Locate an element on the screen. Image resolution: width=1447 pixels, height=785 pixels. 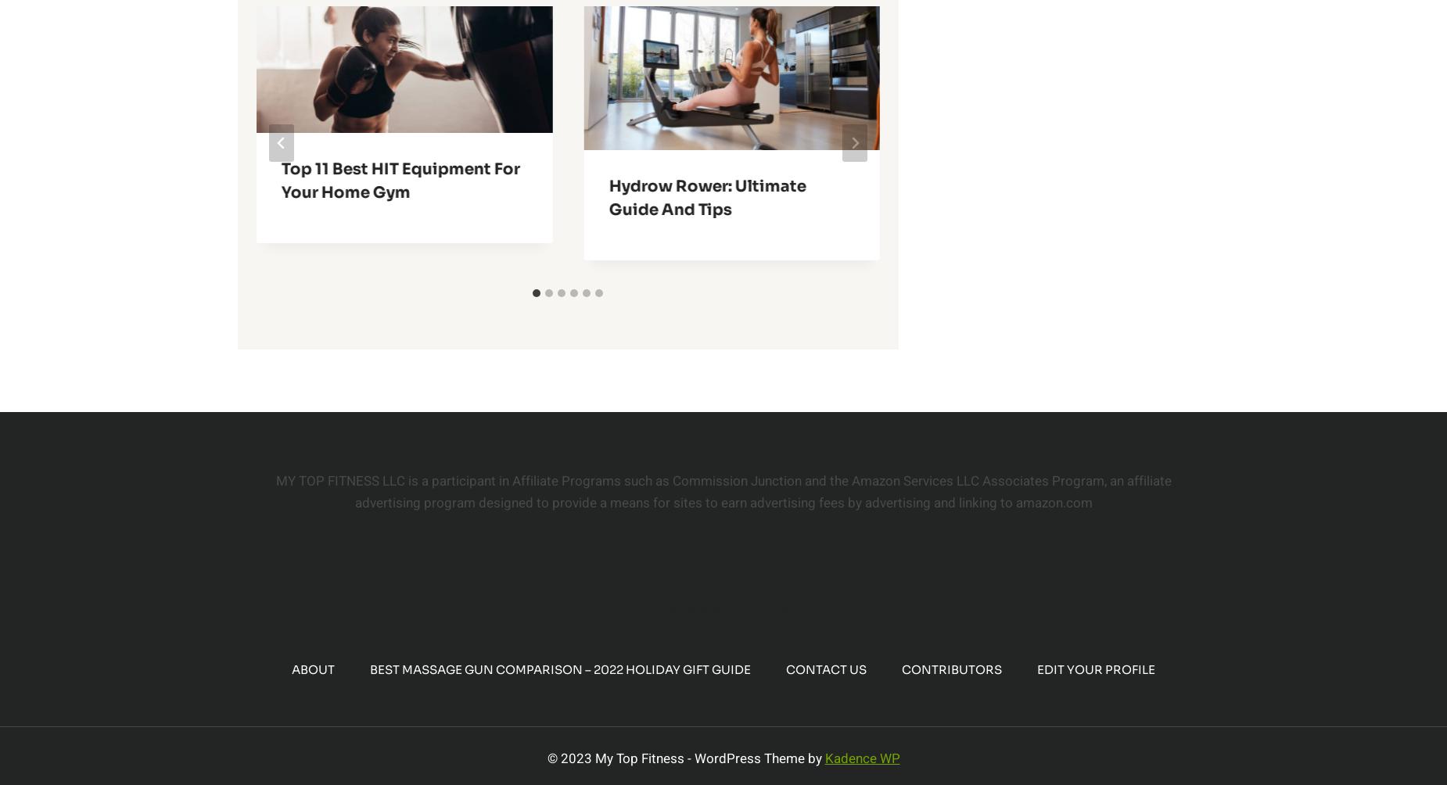
'Best Massage Gun Comparison – 2022 Holiday Gift Guide' is located at coordinates (560, 669).